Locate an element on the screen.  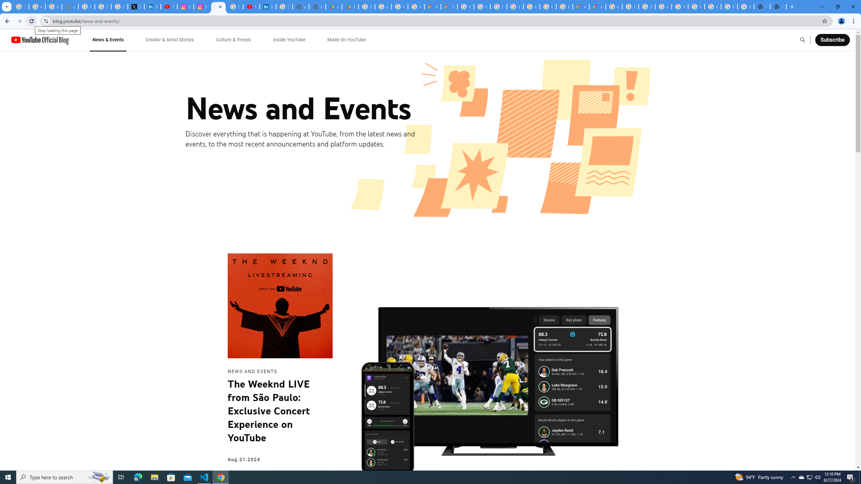
'Made On YouTube' is located at coordinates (346, 40).